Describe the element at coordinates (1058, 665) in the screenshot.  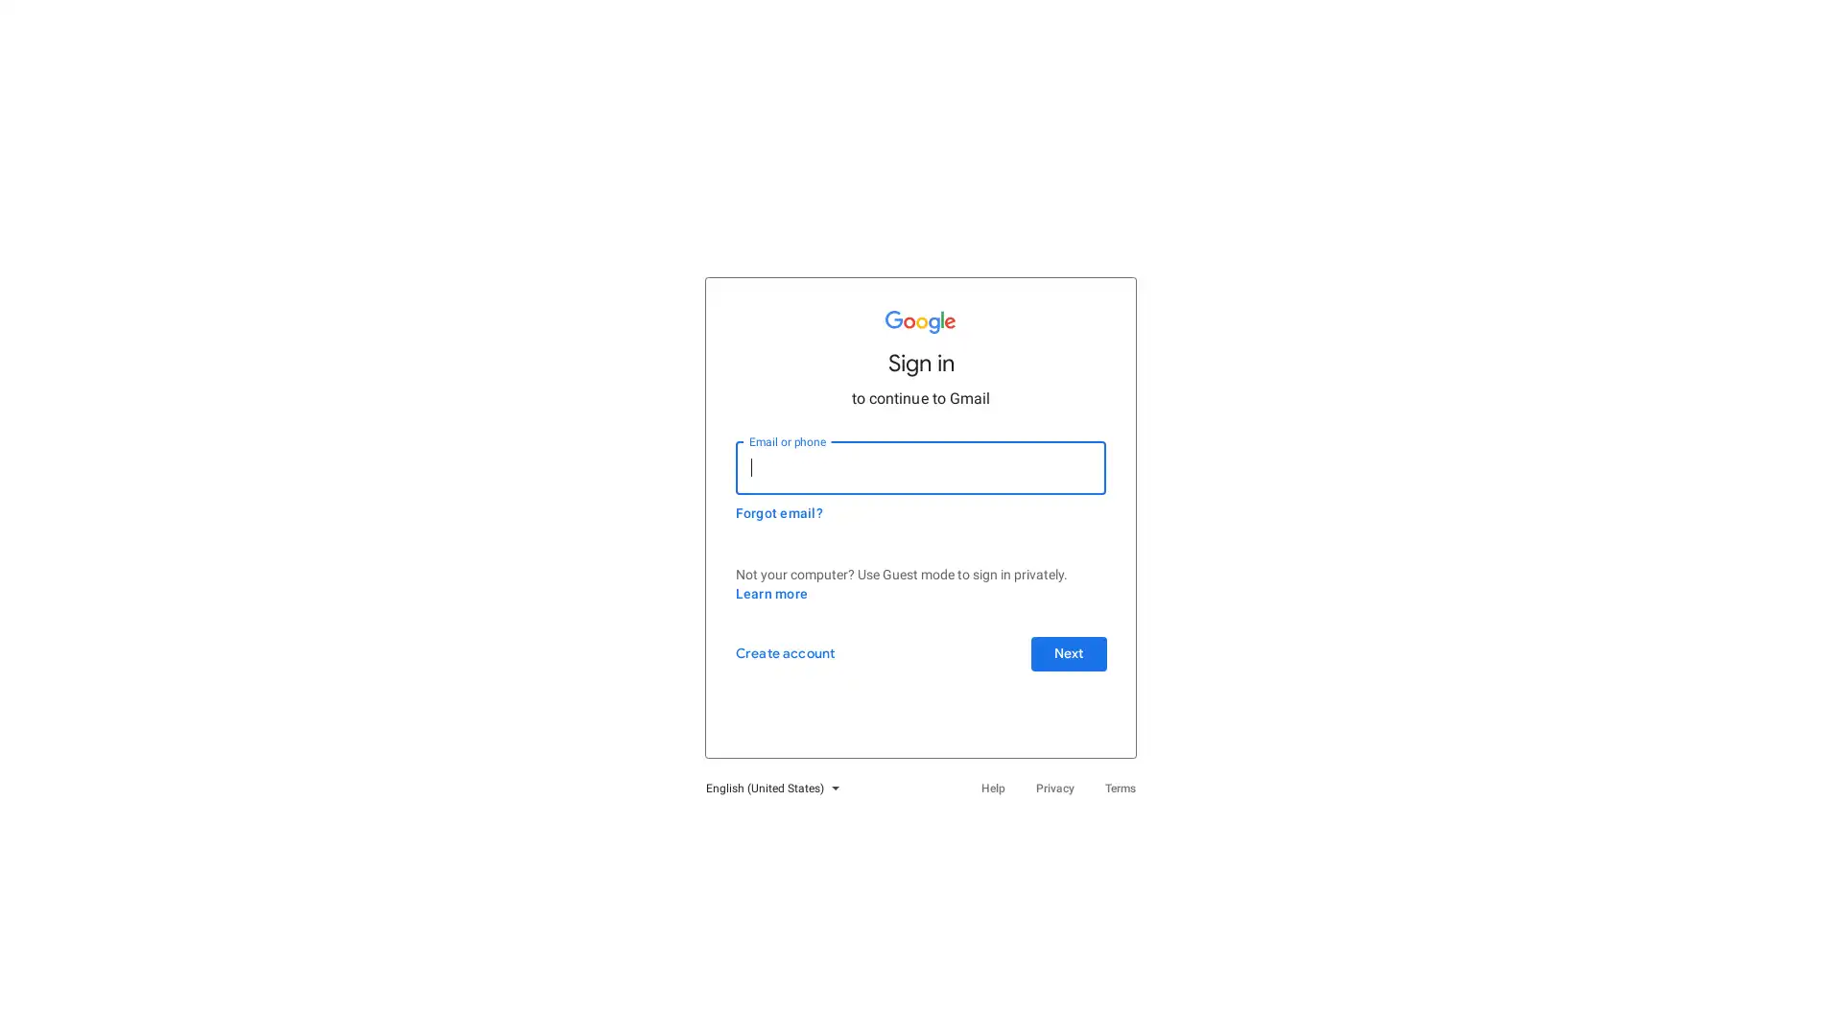
I see `Next` at that location.